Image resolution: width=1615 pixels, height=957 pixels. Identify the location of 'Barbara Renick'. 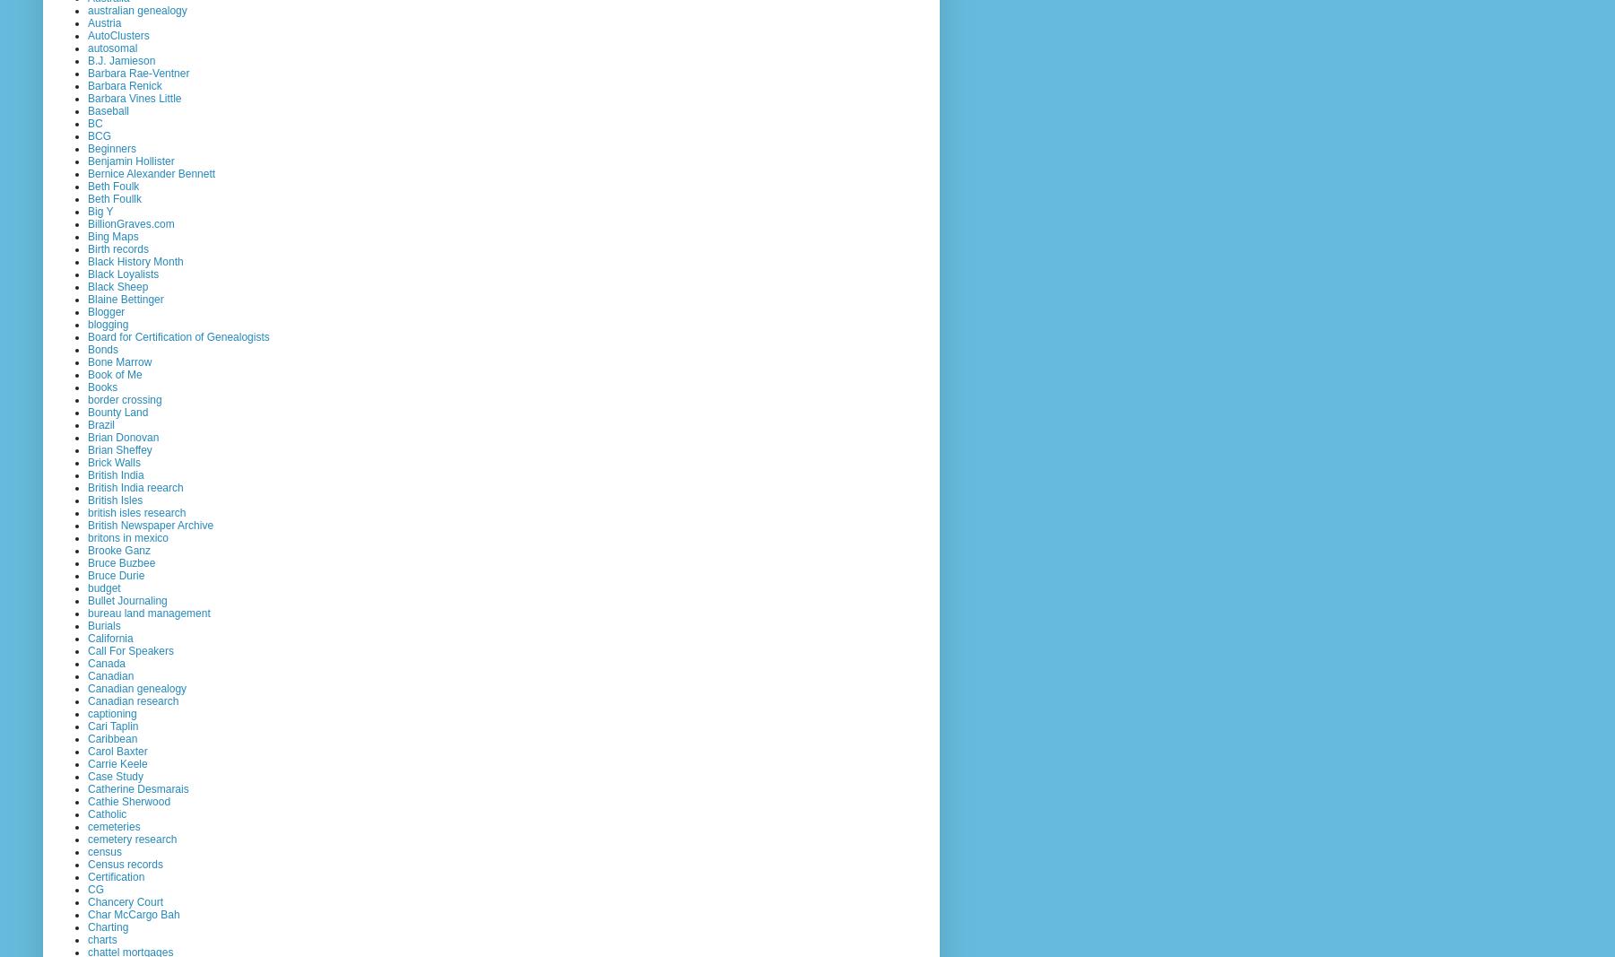
(125, 83).